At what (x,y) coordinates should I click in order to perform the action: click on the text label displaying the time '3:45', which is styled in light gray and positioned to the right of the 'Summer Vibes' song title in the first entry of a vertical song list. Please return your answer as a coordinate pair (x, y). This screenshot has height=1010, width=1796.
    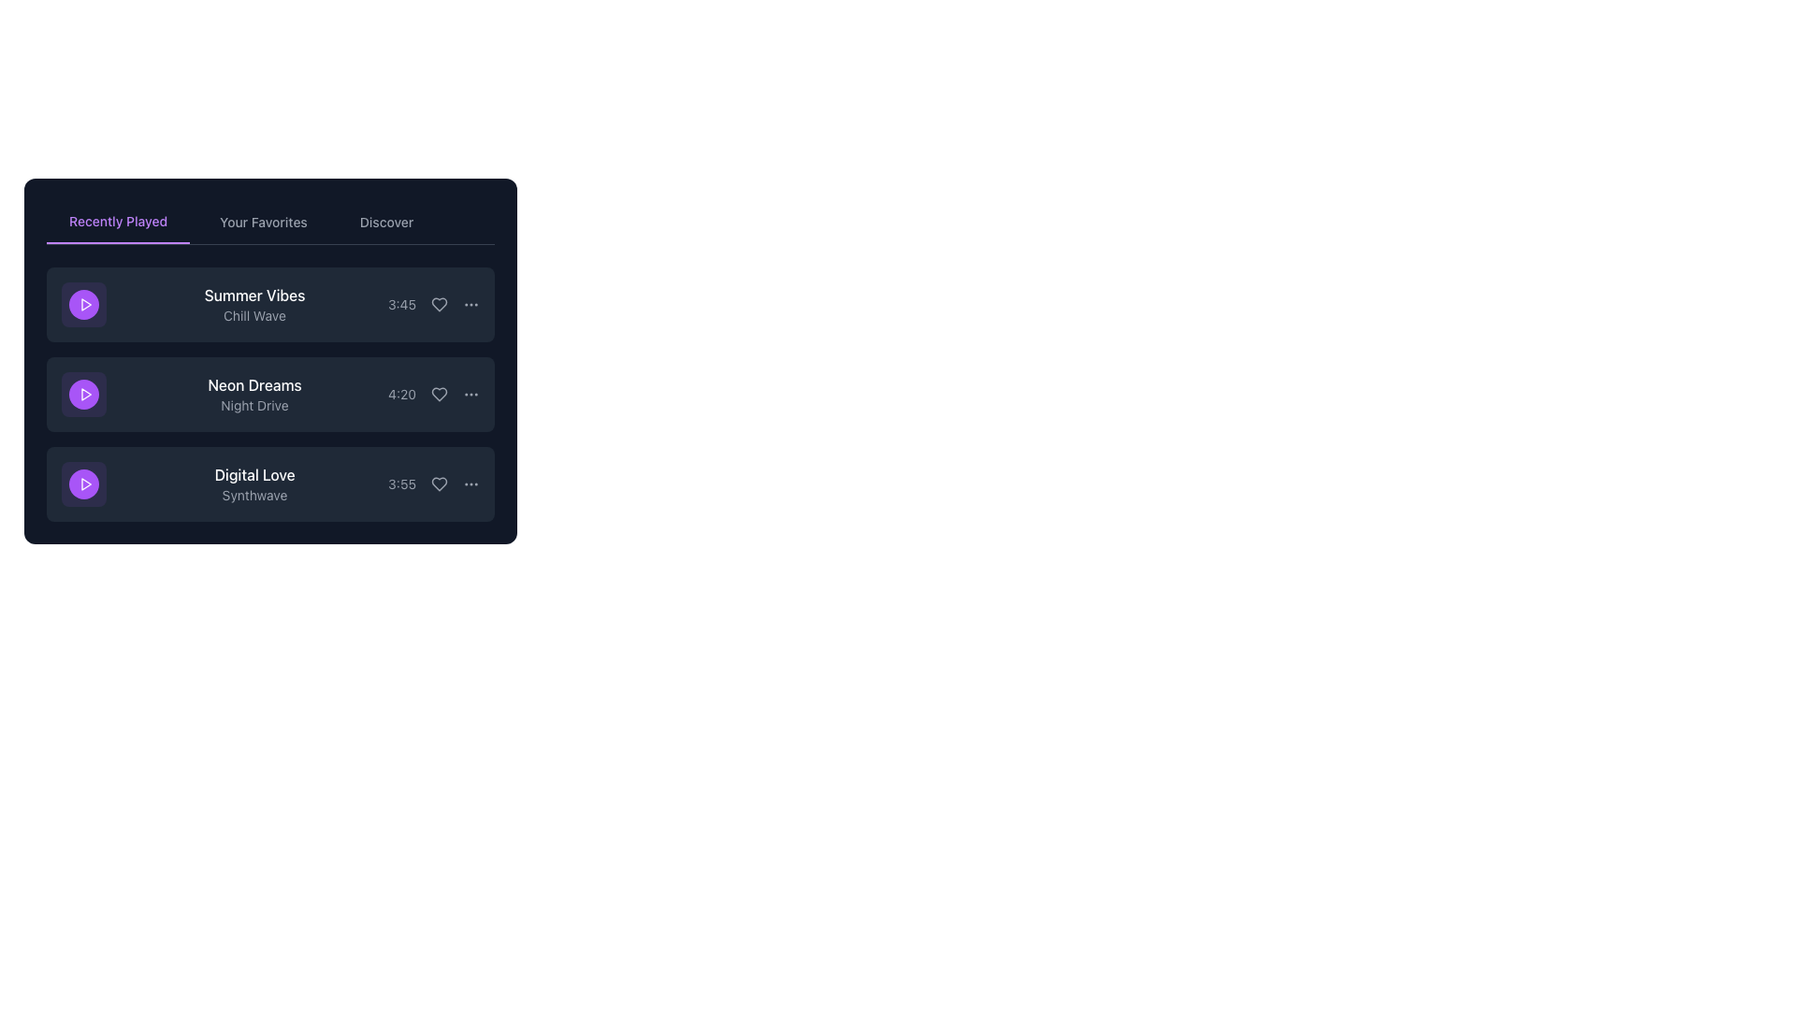
    Looking at the image, I should click on (401, 304).